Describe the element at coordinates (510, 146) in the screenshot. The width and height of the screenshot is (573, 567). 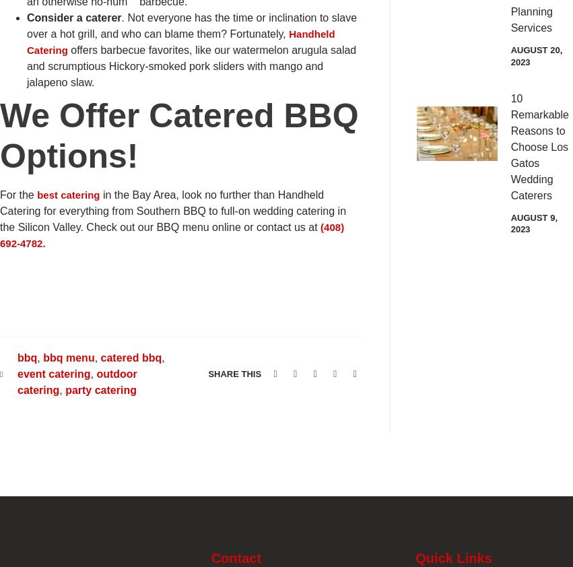
I see `'10 Remarkable Reasons to Choose Los Gatos Wedding Caterers'` at that location.